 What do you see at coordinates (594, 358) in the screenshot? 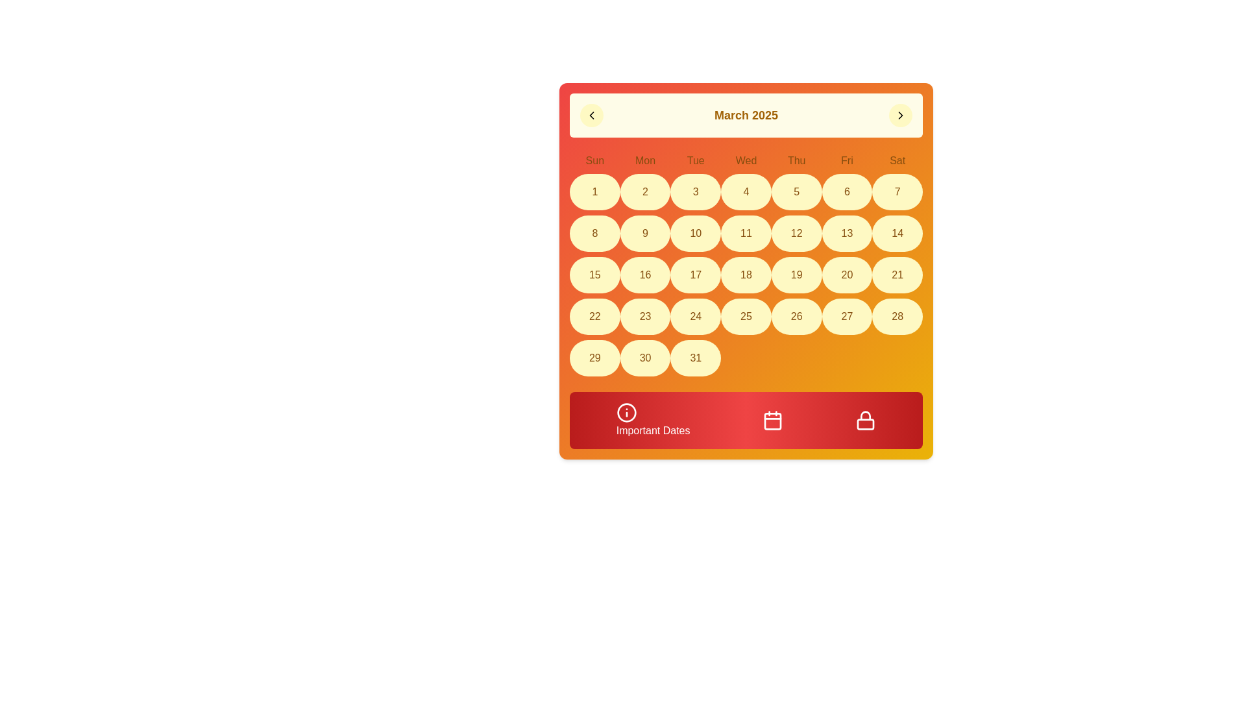
I see `the Day button displaying '29' in bold with a soft yellow background in the calendar` at bounding box center [594, 358].